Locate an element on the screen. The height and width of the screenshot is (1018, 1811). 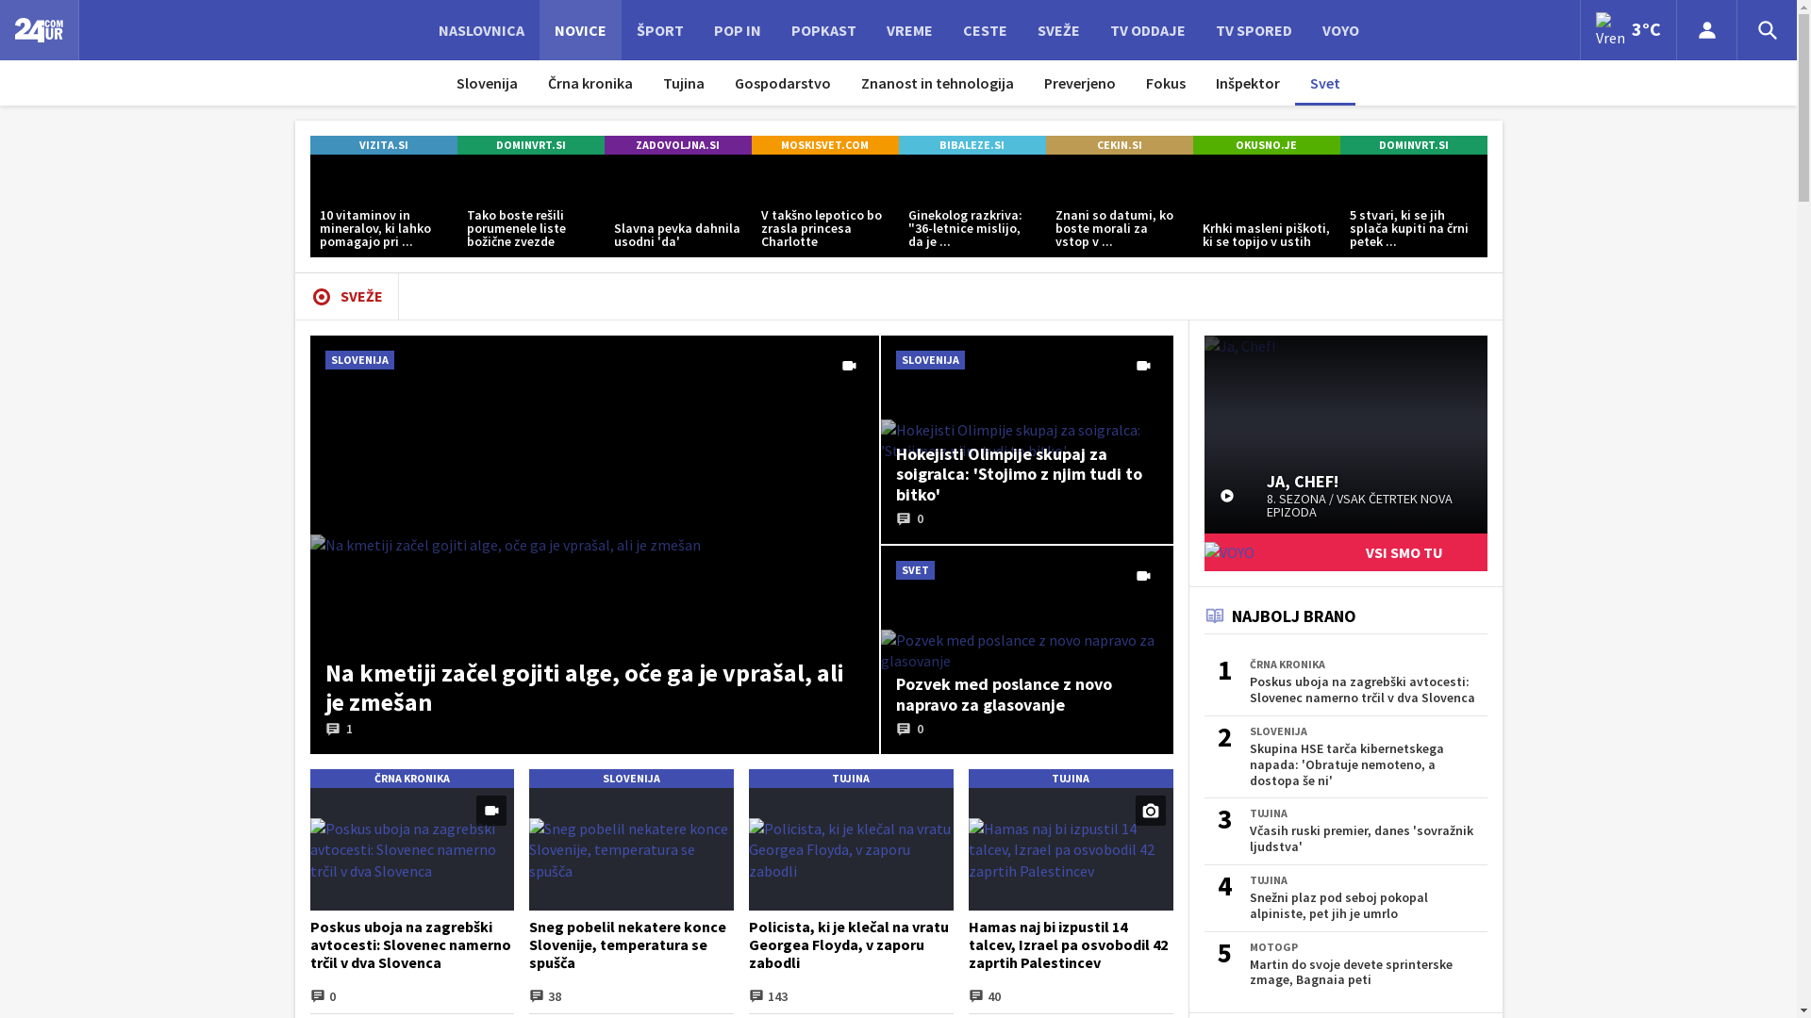
'Ginekolog razkriva: "36-letnice mislijo, da je ...' is located at coordinates (972, 205).